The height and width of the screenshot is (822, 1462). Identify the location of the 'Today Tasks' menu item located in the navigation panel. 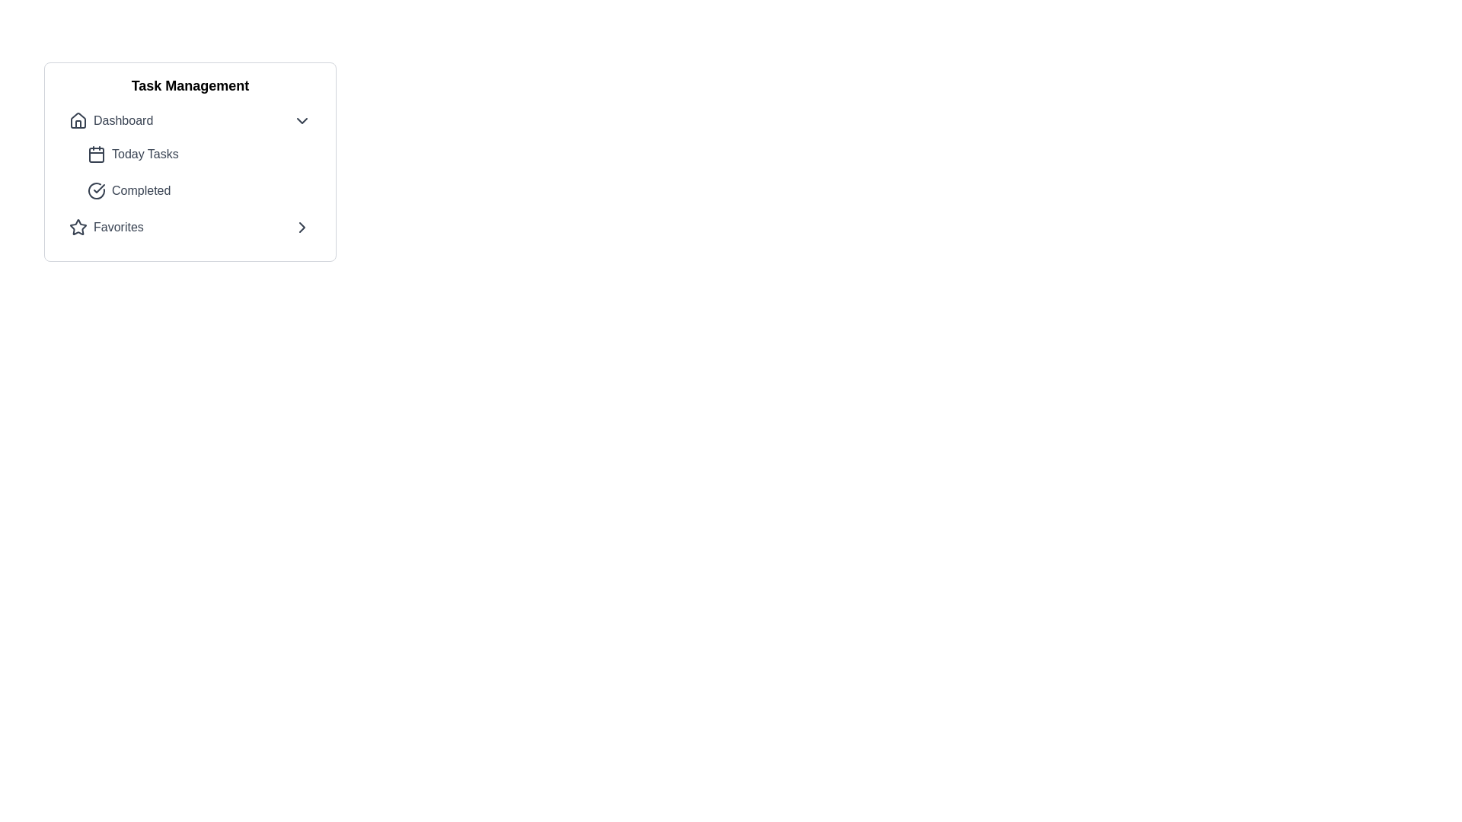
(189, 155).